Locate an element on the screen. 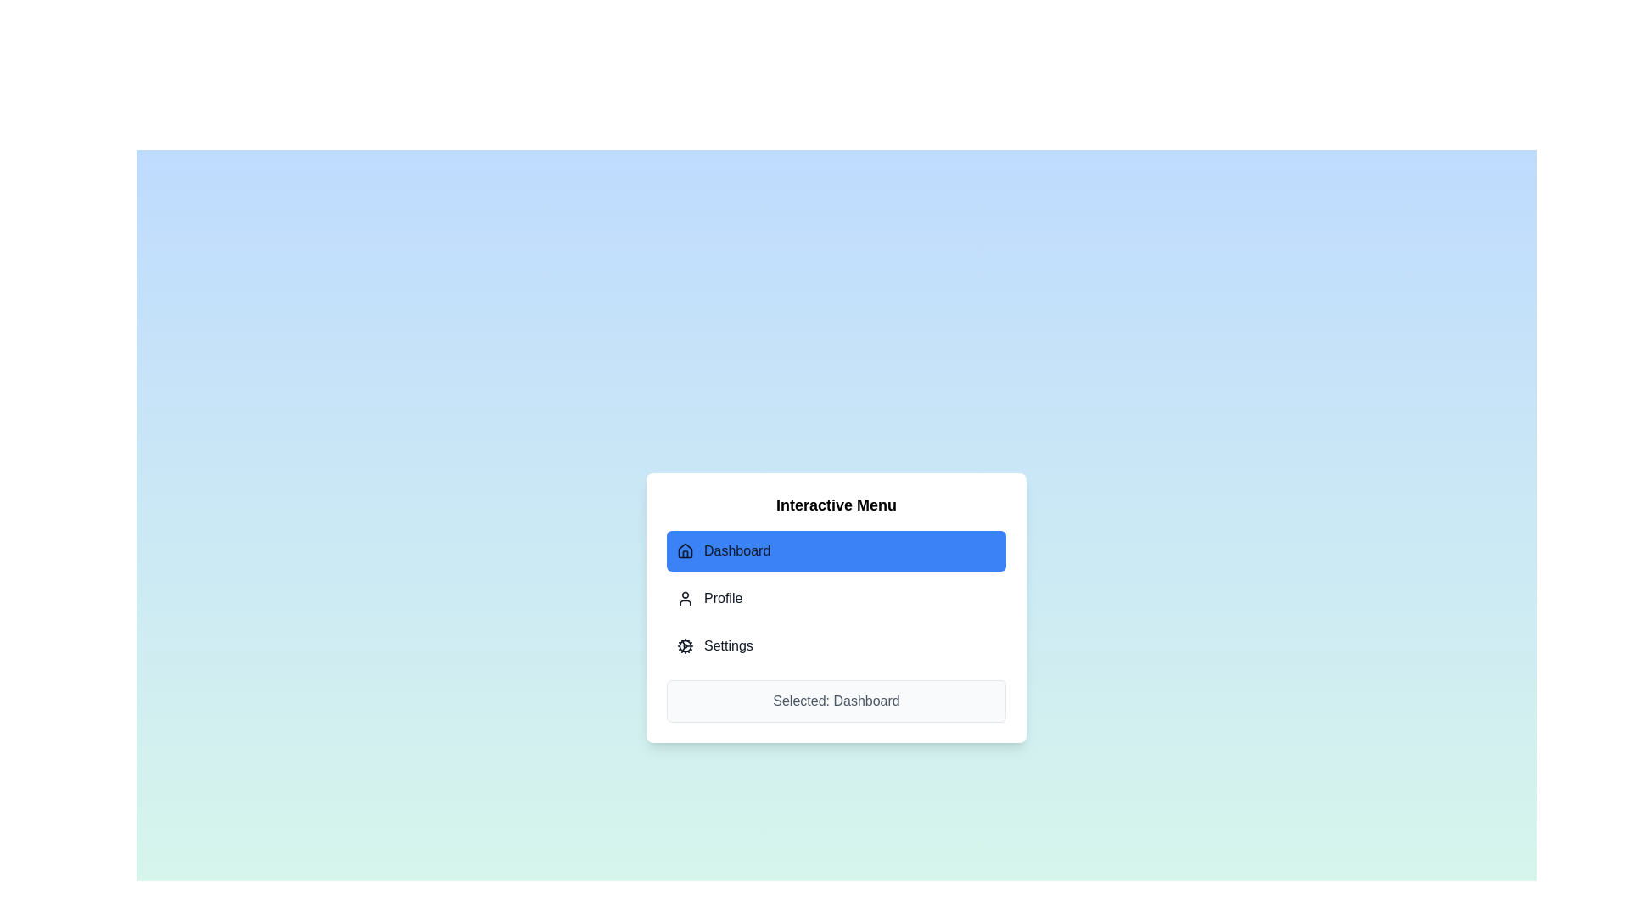 This screenshot has height=916, width=1629. the Settings tab in the menu is located at coordinates (836, 646).